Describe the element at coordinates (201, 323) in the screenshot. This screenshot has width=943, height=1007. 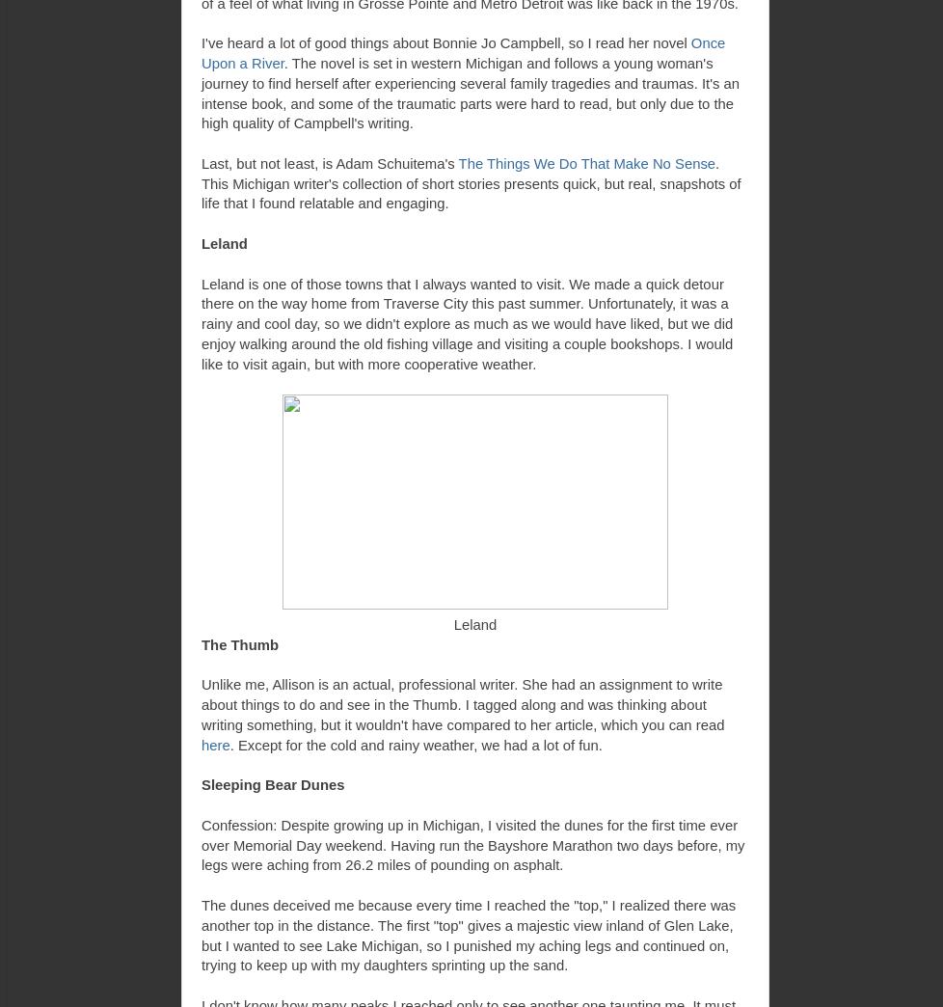
I see `'Leland is one of those towns that I always wanted to visit. We made a quick detour there on the way home from Traverse City this past summer. Unfortunately, it was a rainy and cool day, so we didn't explore as much as we would have liked, but we did enjoy walking around the old fishing village and visiting a couple bookshops. I would like to visit again, but with more cooperative weather.'` at that location.